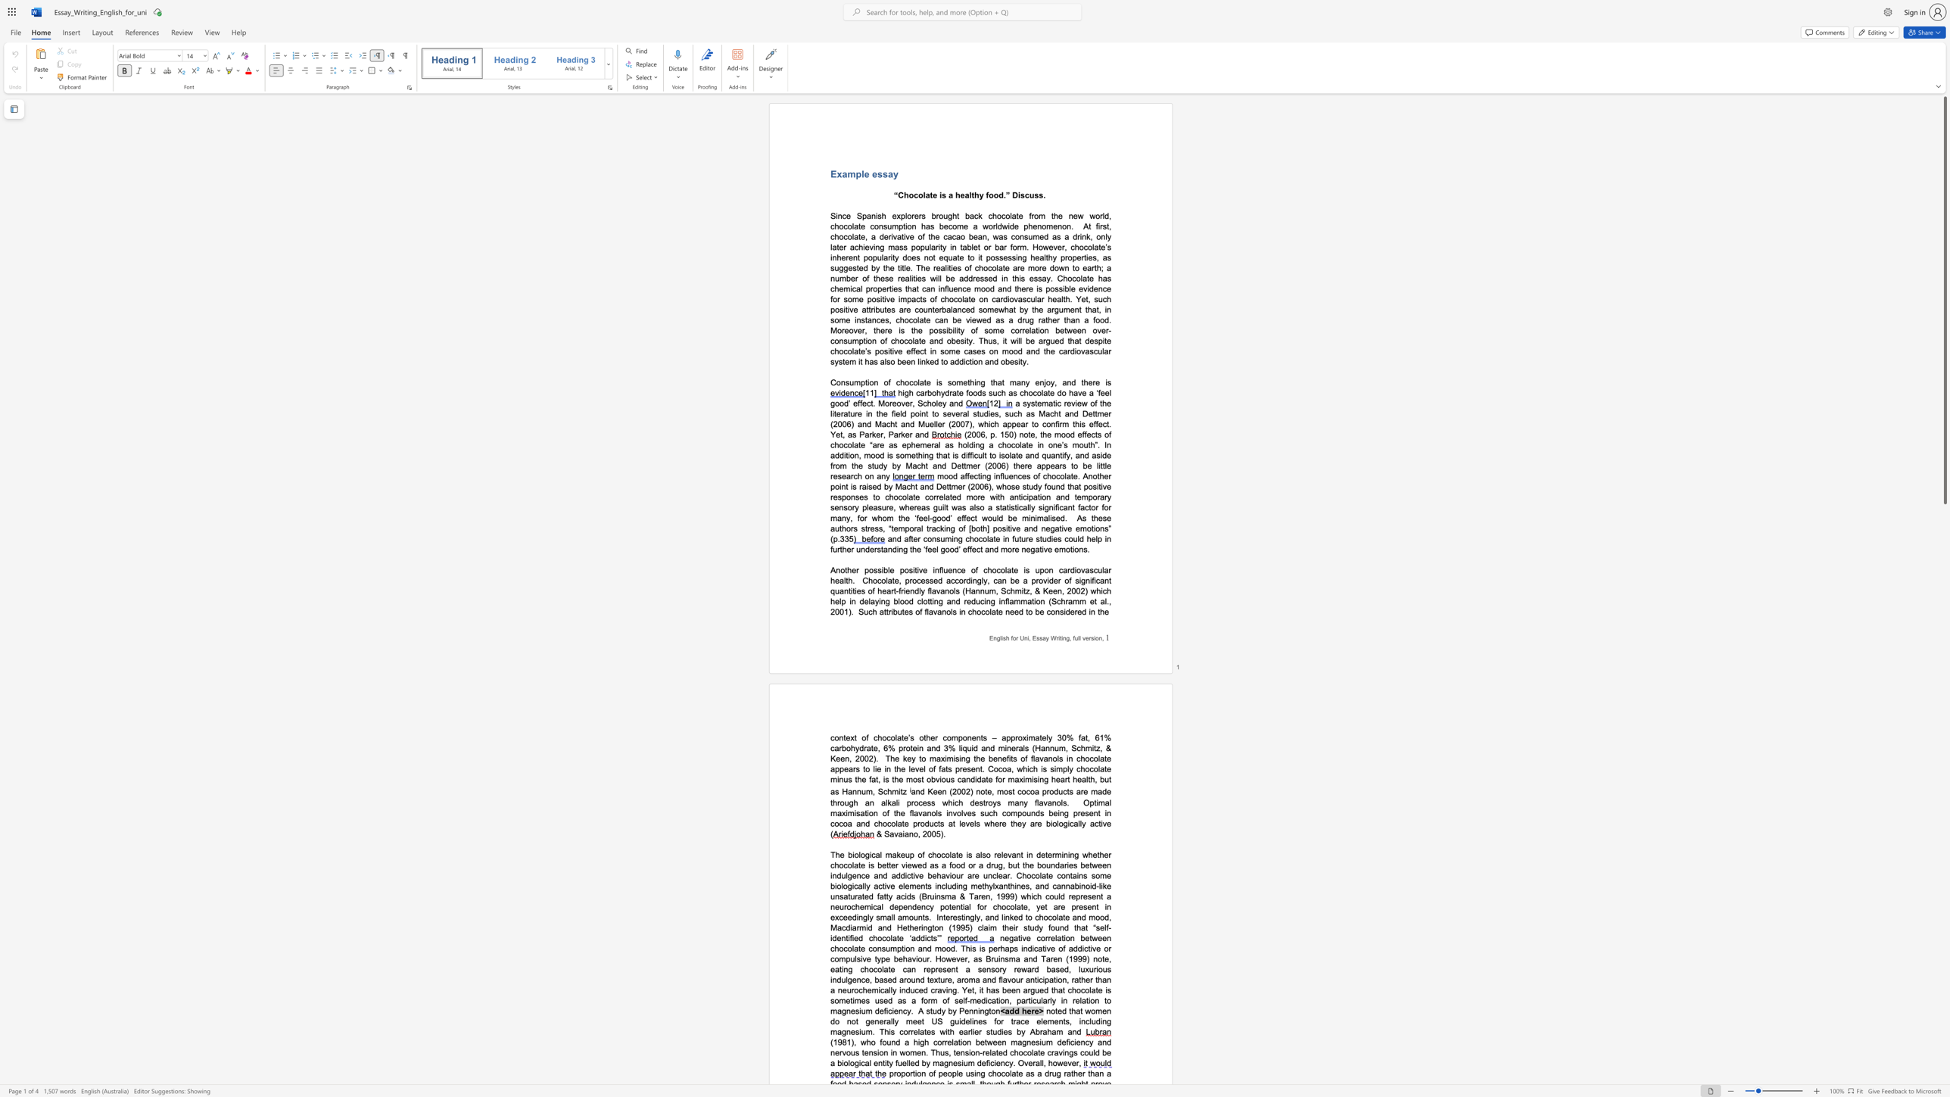 This screenshot has width=1950, height=1097. What do you see at coordinates (1944, 802) in the screenshot?
I see `the right-hand scrollbar to descend the page` at bounding box center [1944, 802].